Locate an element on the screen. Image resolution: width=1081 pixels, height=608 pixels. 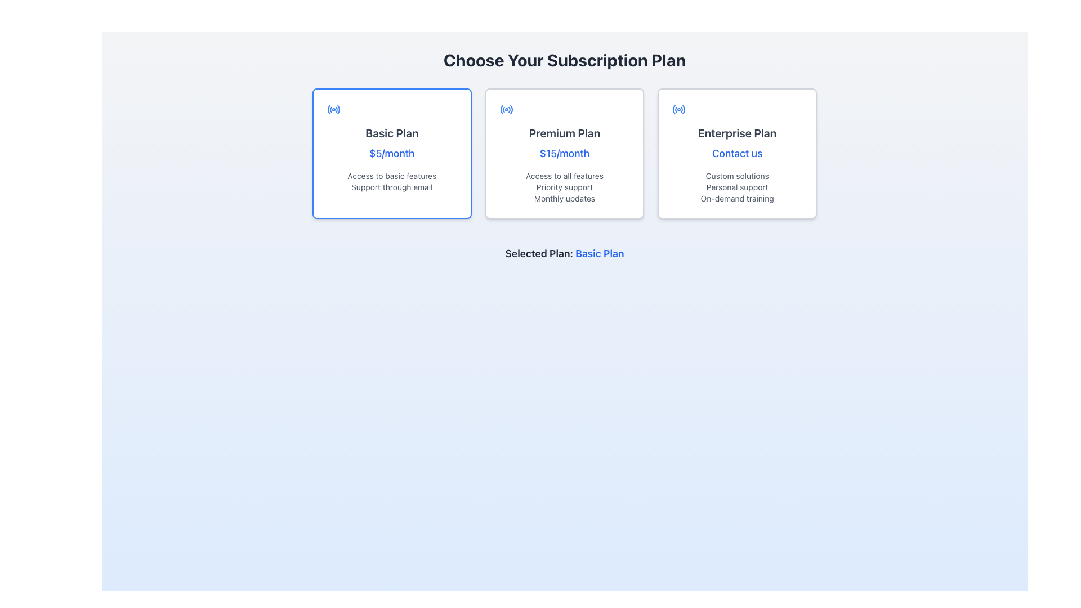
the text label displaying '$5/month' which is styled in blue and positioned below the title 'Basic Plan' in the subscription plans card is located at coordinates (392, 154).